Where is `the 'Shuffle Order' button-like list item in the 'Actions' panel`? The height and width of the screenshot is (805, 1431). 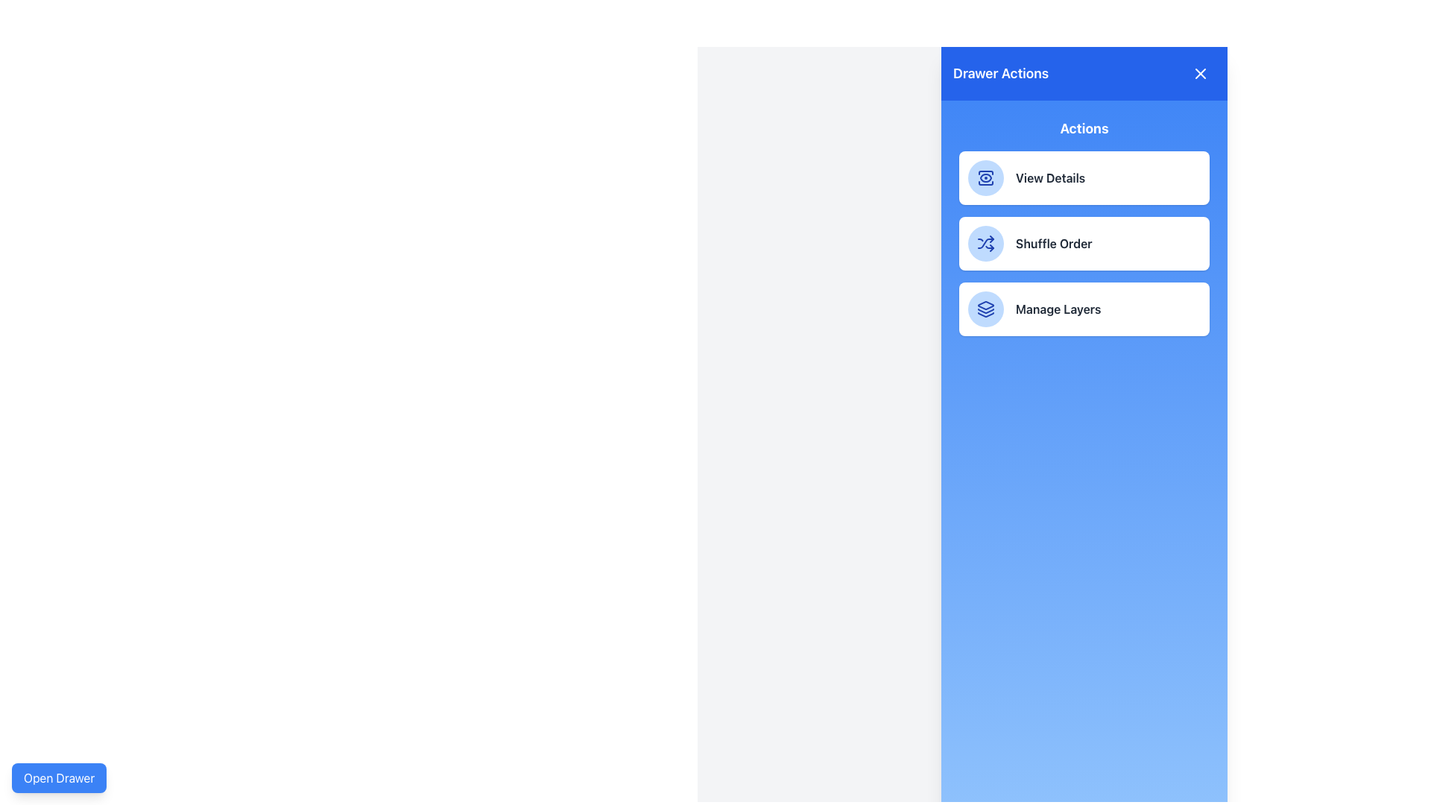
the 'Shuffle Order' button-like list item in the 'Actions' panel is located at coordinates (1084, 227).